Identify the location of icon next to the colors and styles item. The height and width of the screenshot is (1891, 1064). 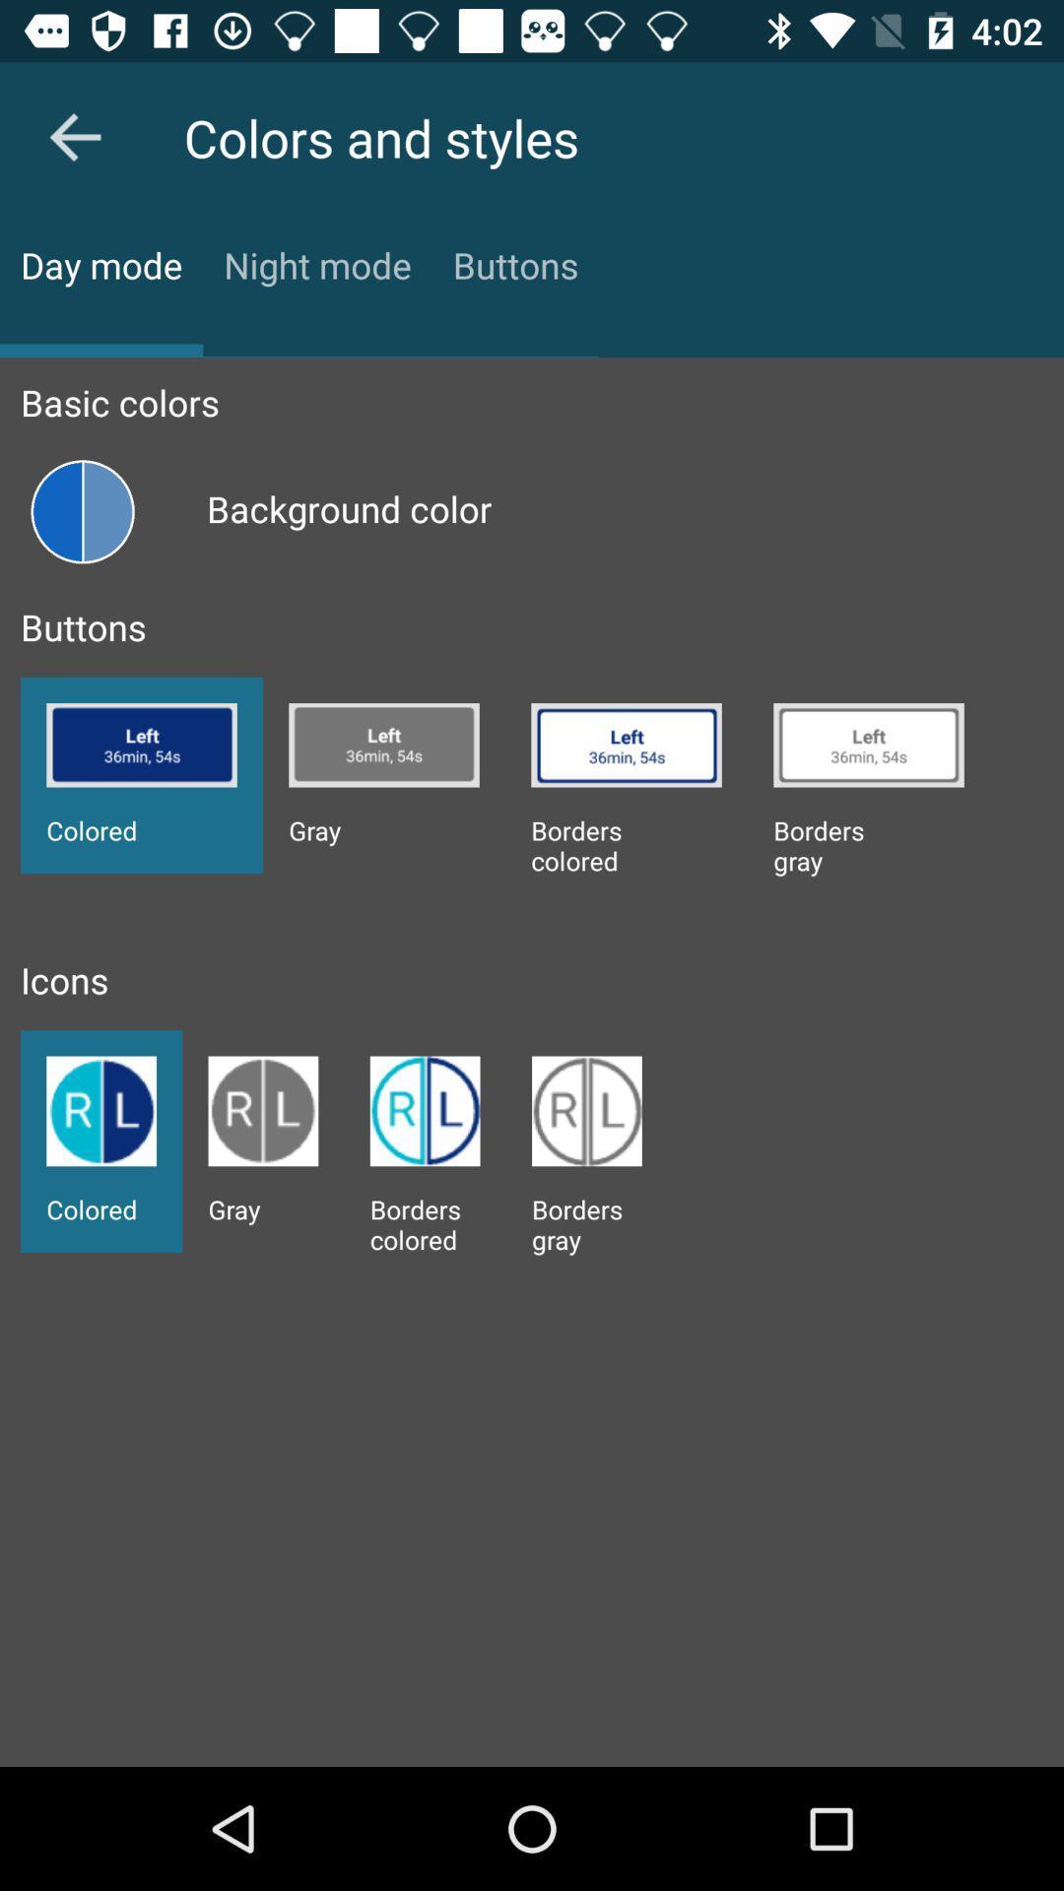
(74, 136).